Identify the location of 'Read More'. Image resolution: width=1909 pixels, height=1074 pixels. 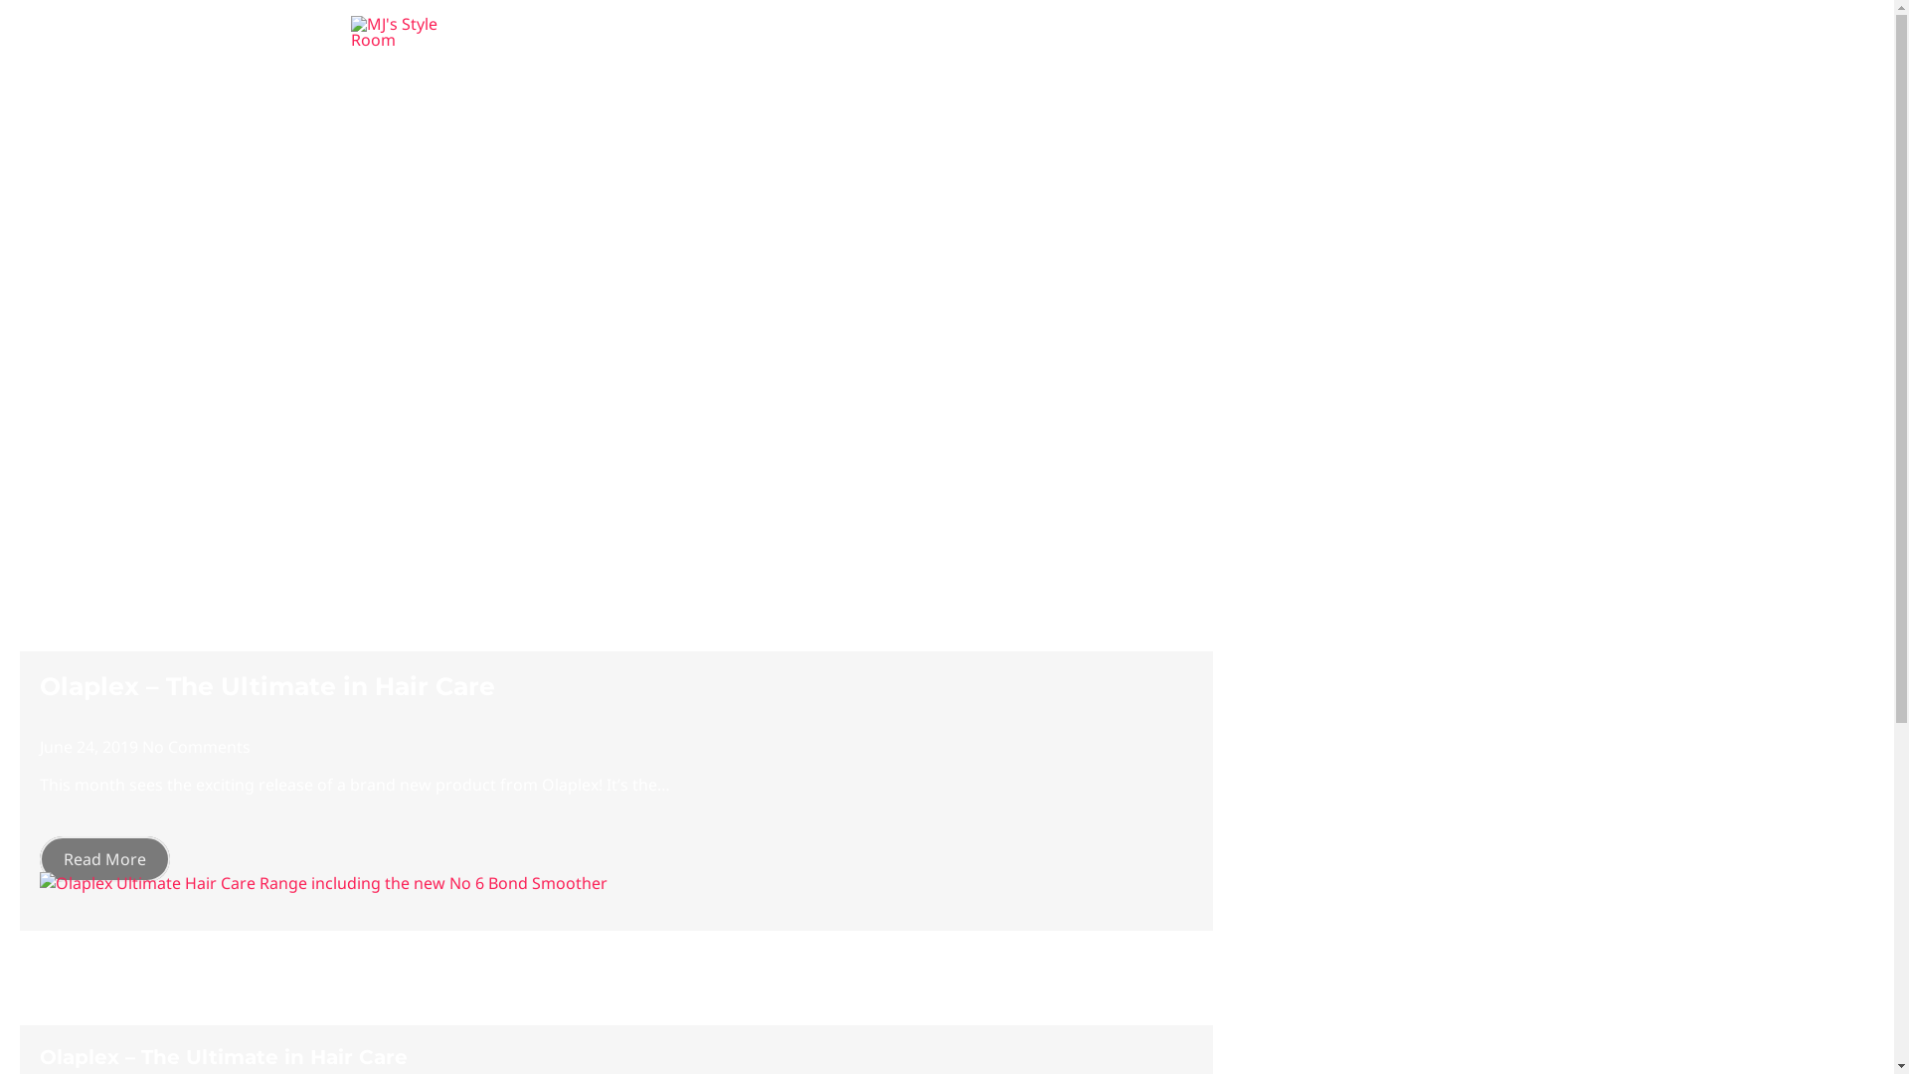
(103, 858).